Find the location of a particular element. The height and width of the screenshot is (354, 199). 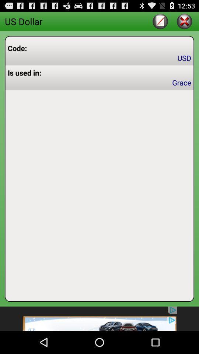

the close icon is located at coordinates (184, 22).